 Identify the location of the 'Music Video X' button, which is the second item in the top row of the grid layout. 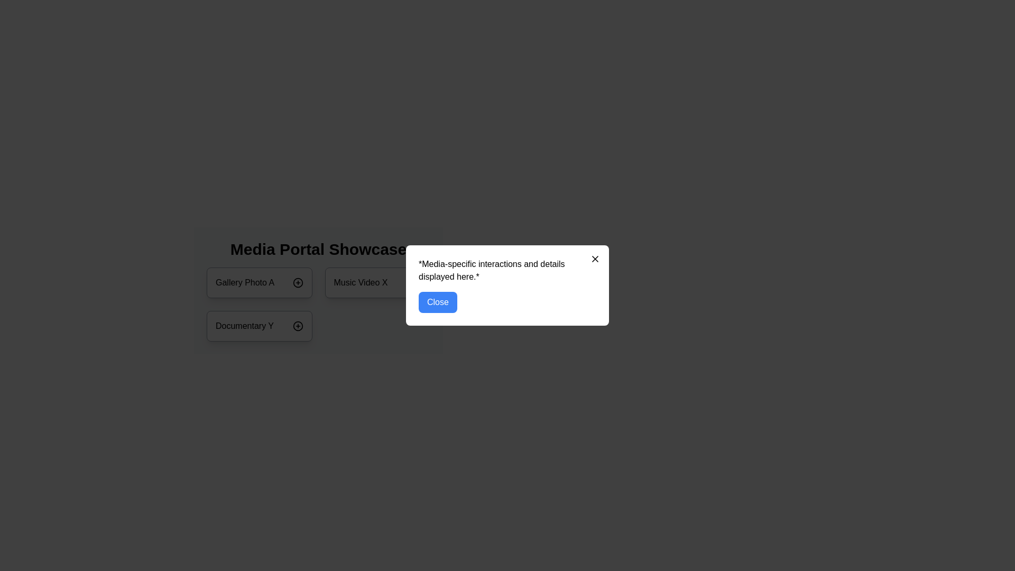
(377, 282).